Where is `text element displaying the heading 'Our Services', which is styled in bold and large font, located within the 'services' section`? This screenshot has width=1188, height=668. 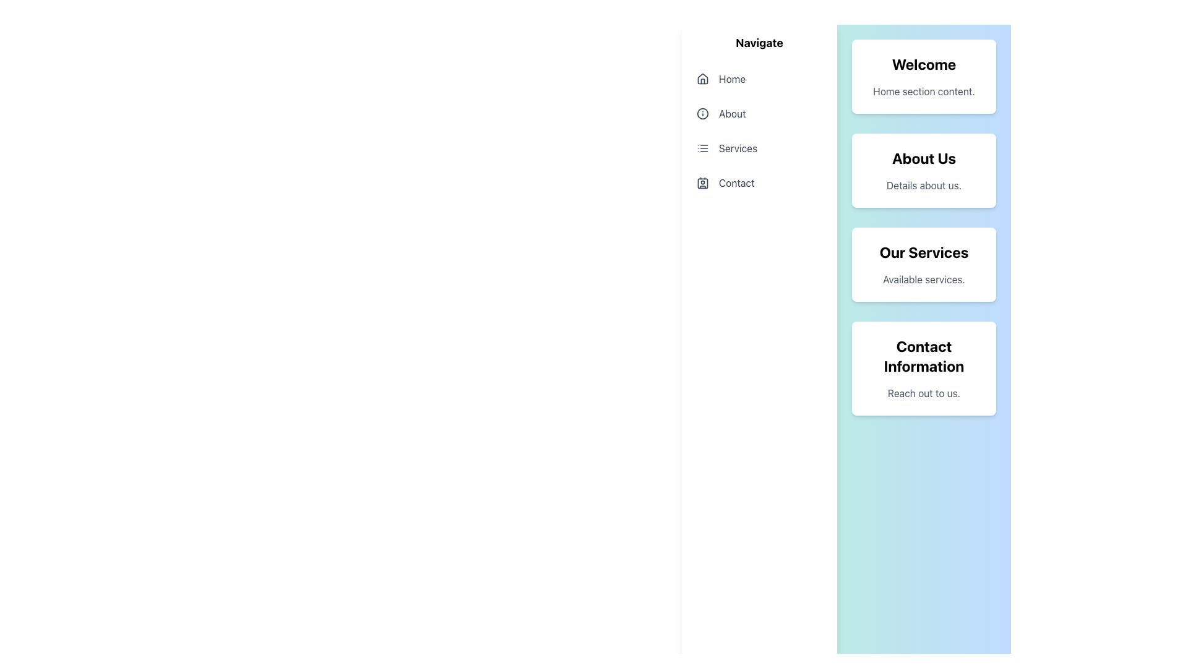
text element displaying the heading 'Our Services', which is styled in bold and large font, located within the 'services' section is located at coordinates (924, 252).